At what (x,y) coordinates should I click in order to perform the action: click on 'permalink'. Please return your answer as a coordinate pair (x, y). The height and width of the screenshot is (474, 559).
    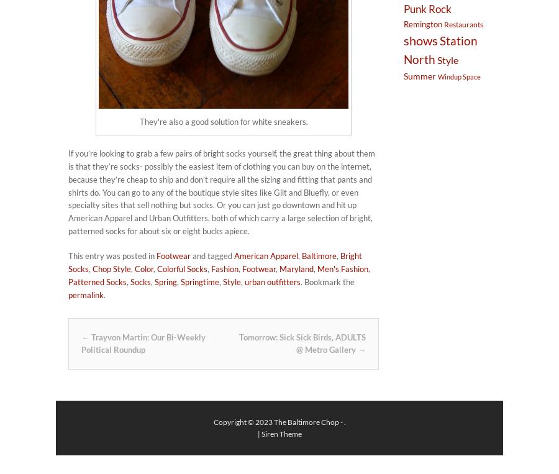
    Looking at the image, I should click on (86, 293).